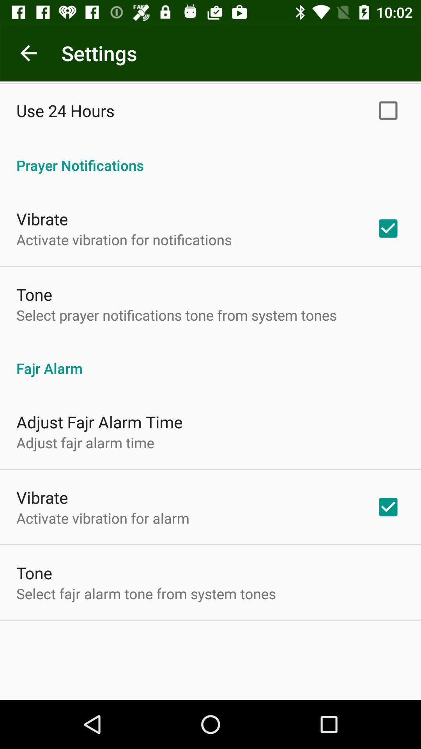 The width and height of the screenshot is (421, 749). Describe the element at coordinates (28, 53) in the screenshot. I see `item above the use 24 hours` at that location.